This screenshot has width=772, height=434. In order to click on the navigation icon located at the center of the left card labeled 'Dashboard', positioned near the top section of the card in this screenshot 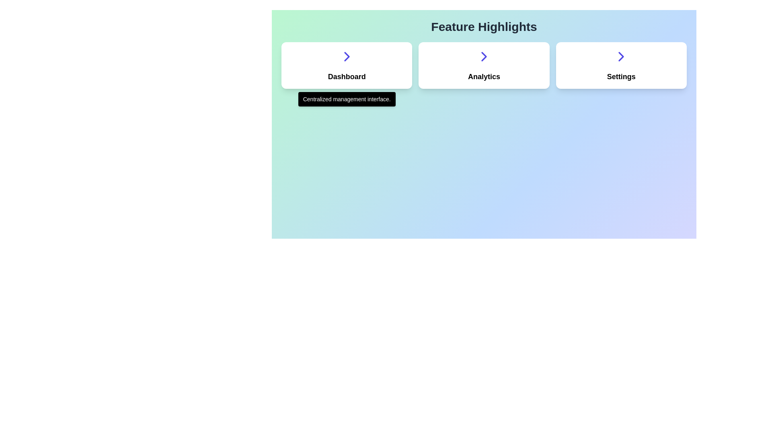, I will do `click(347, 56)`.